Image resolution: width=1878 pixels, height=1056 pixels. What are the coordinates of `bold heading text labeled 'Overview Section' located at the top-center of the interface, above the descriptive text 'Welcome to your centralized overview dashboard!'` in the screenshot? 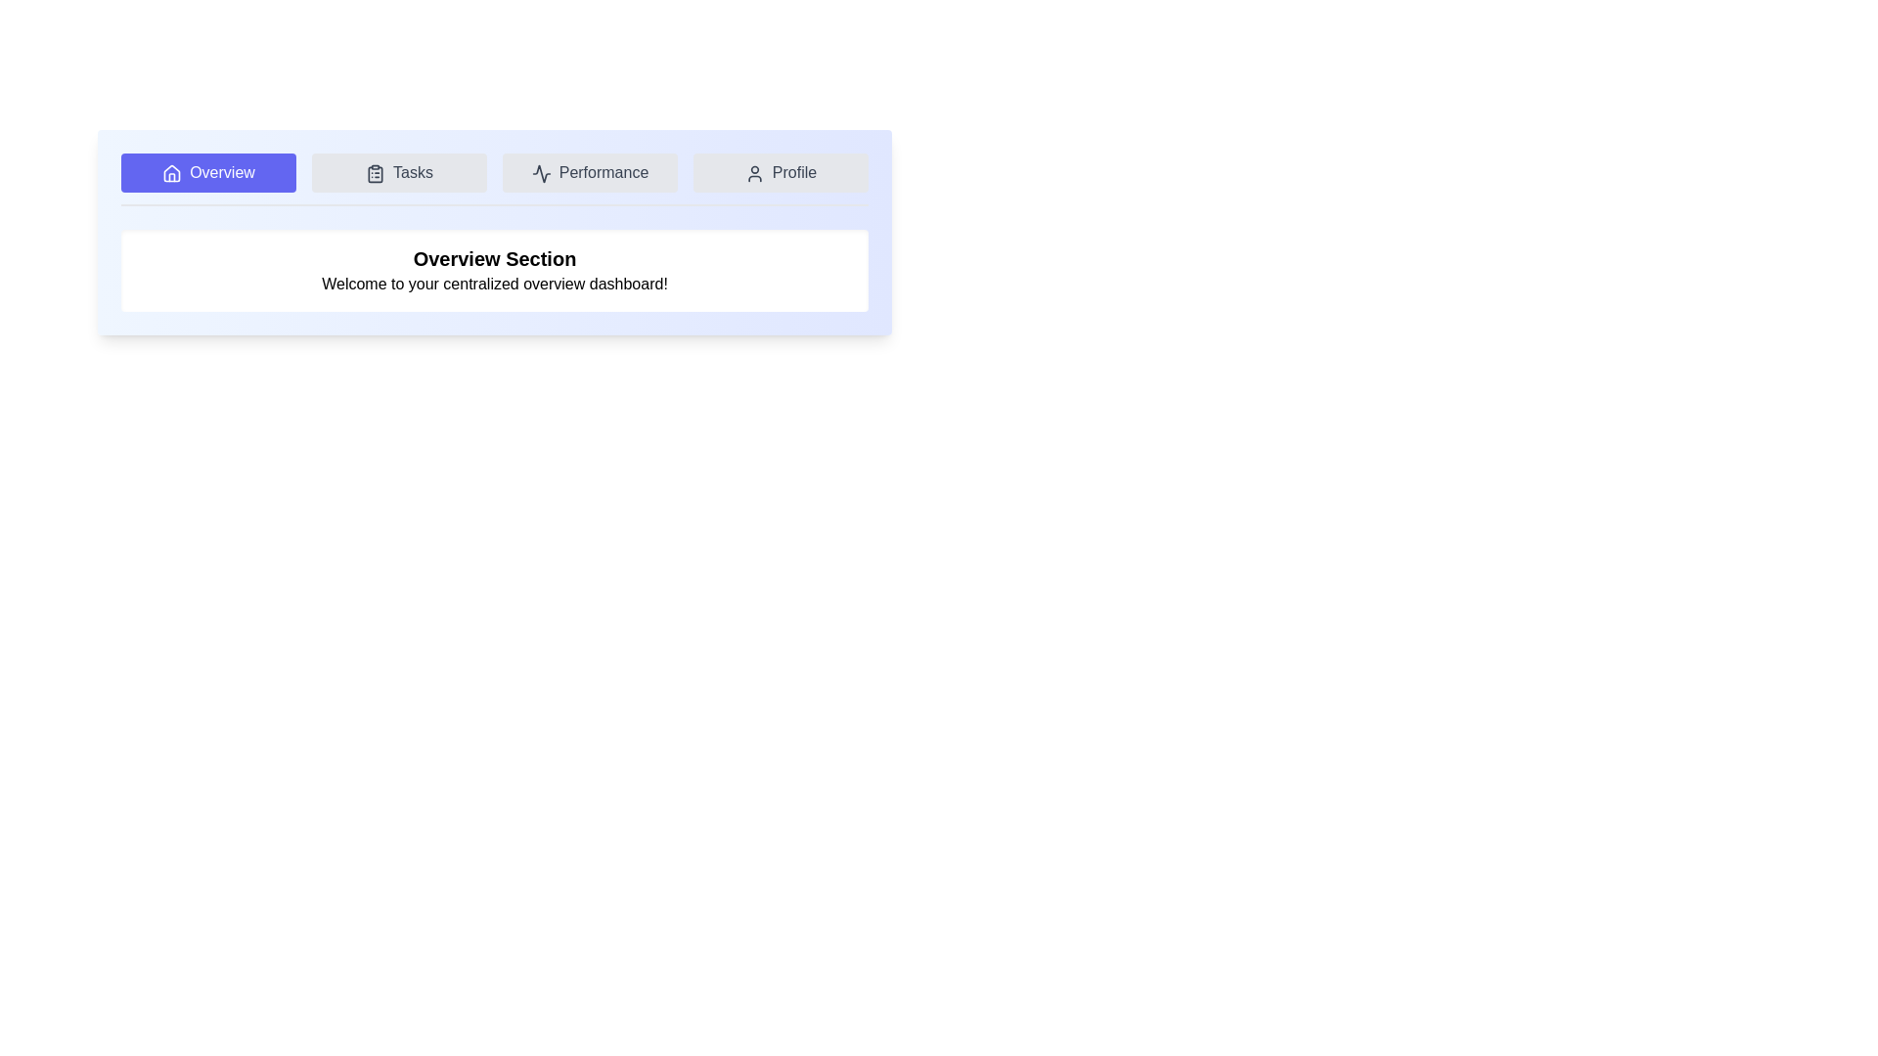 It's located at (494, 258).